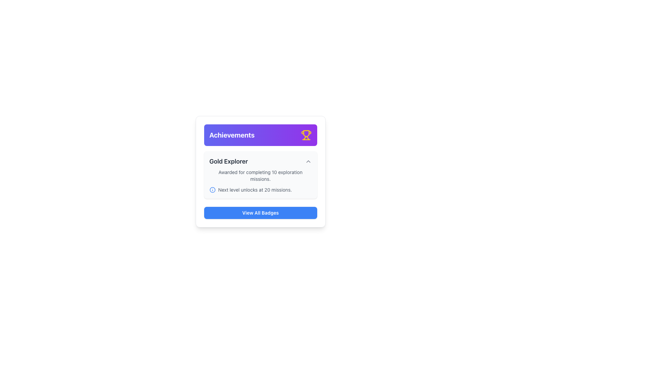 Image resolution: width=650 pixels, height=365 pixels. I want to click on the yellow trophy-like icon located at the upper-right corner of the purple 'Achievements' title bar, so click(306, 133).